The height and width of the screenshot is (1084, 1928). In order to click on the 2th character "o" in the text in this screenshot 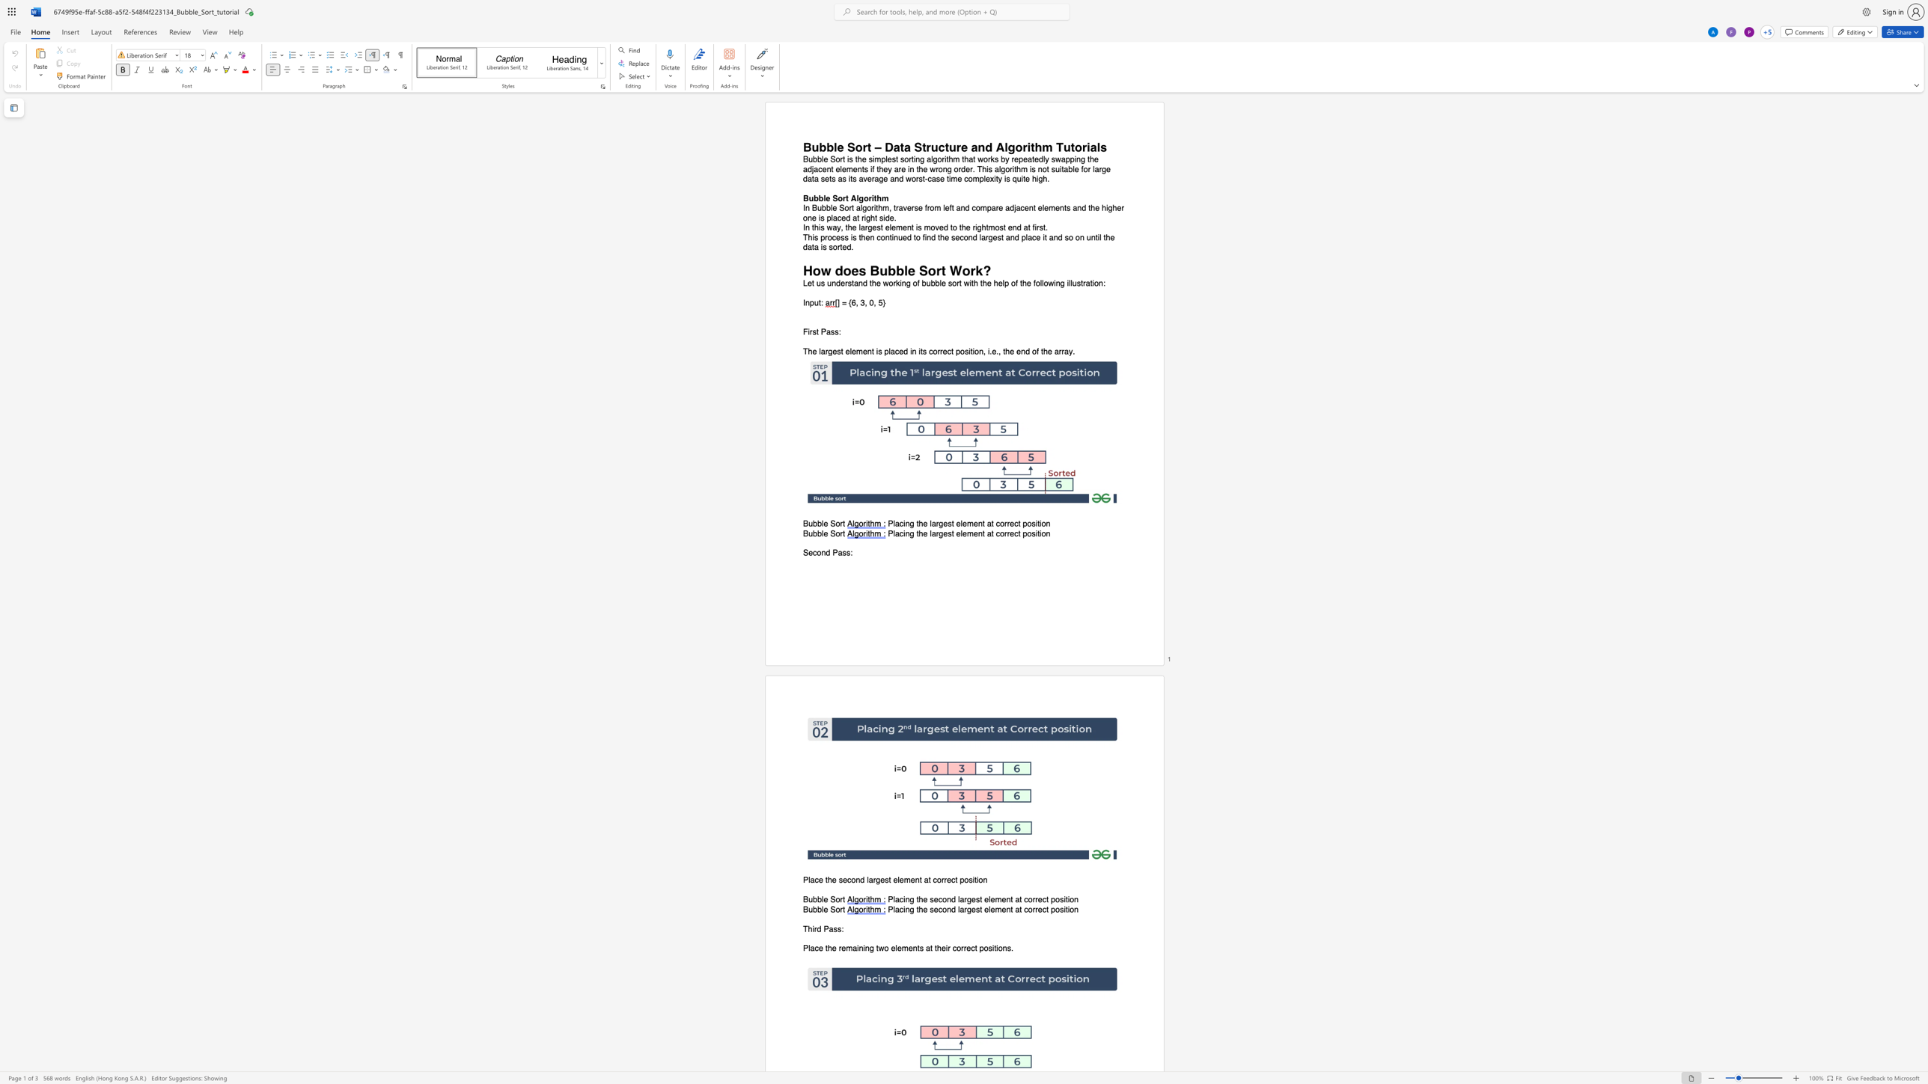, I will do `click(865, 197)`.